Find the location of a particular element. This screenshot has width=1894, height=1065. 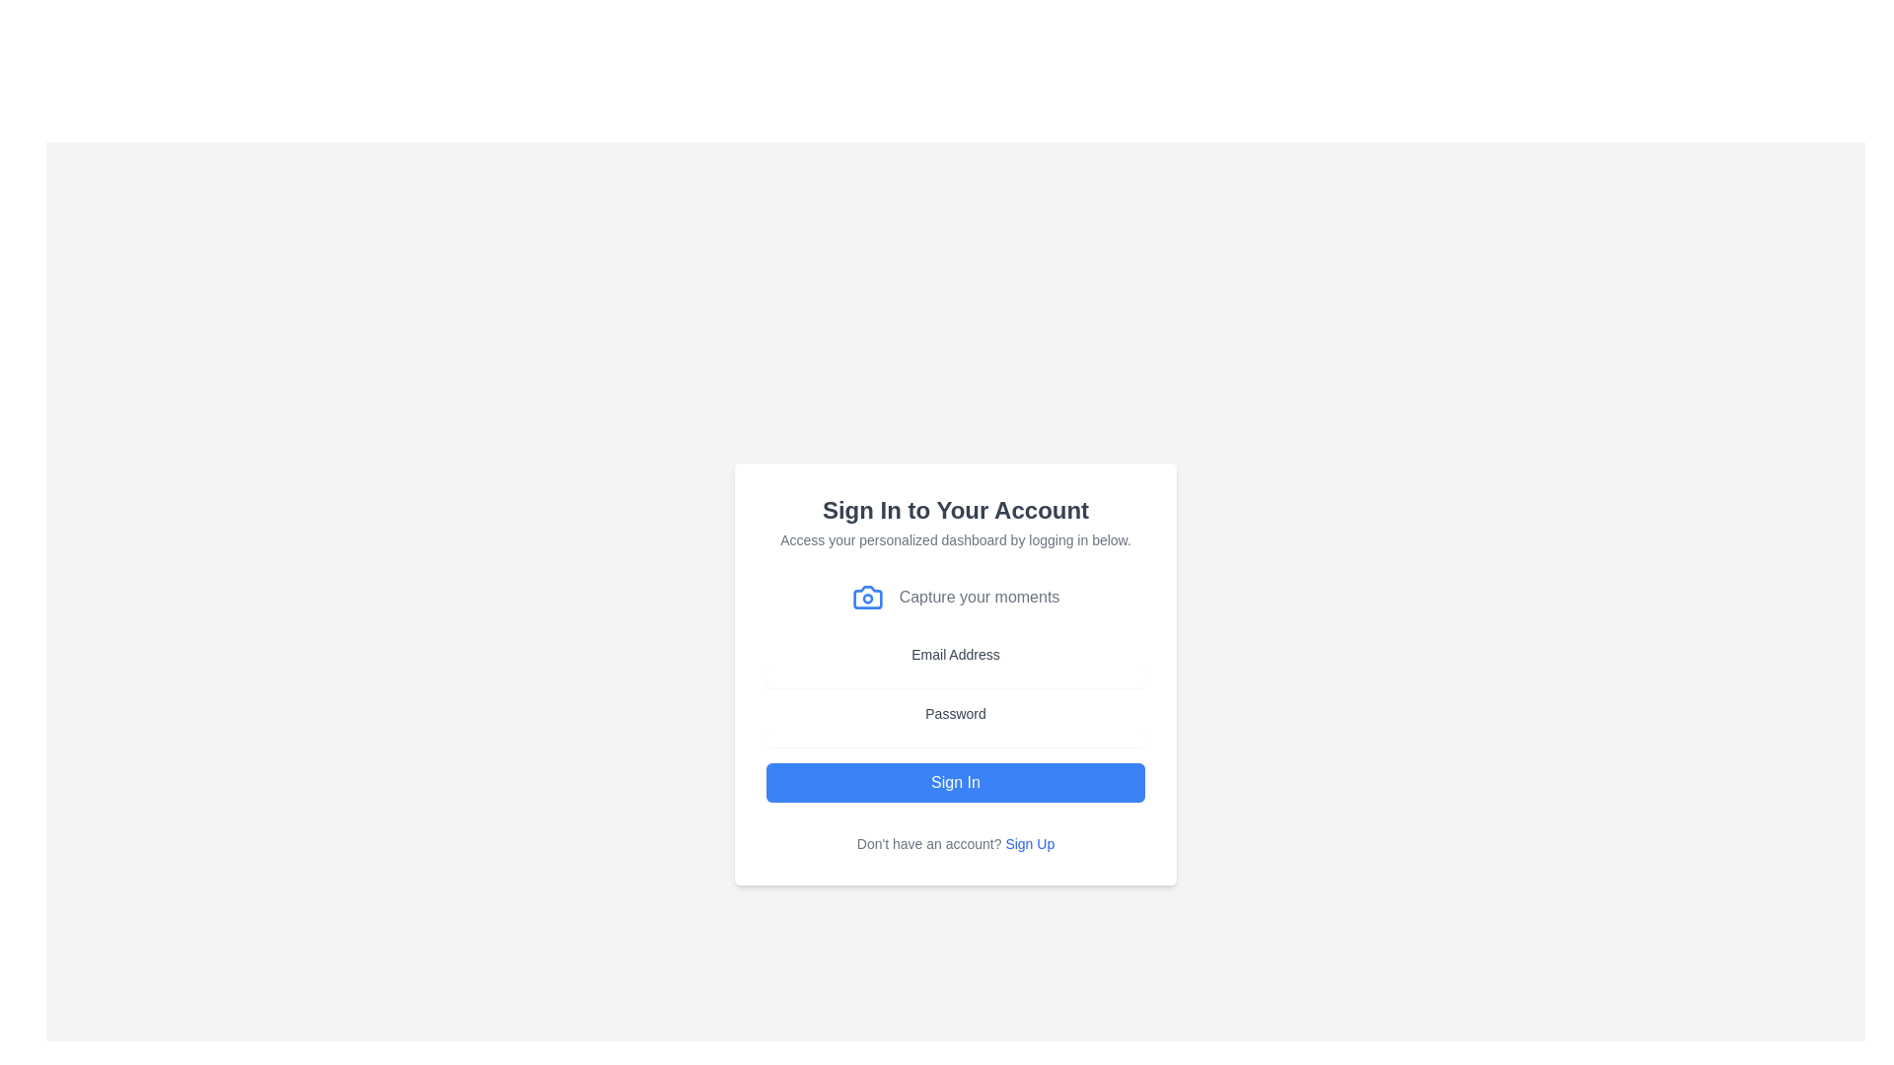

the descriptive text element containing the blue camera icon and the phrase 'Capture your moments', located below the subtitle and above the form fields is located at coordinates (956, 596).